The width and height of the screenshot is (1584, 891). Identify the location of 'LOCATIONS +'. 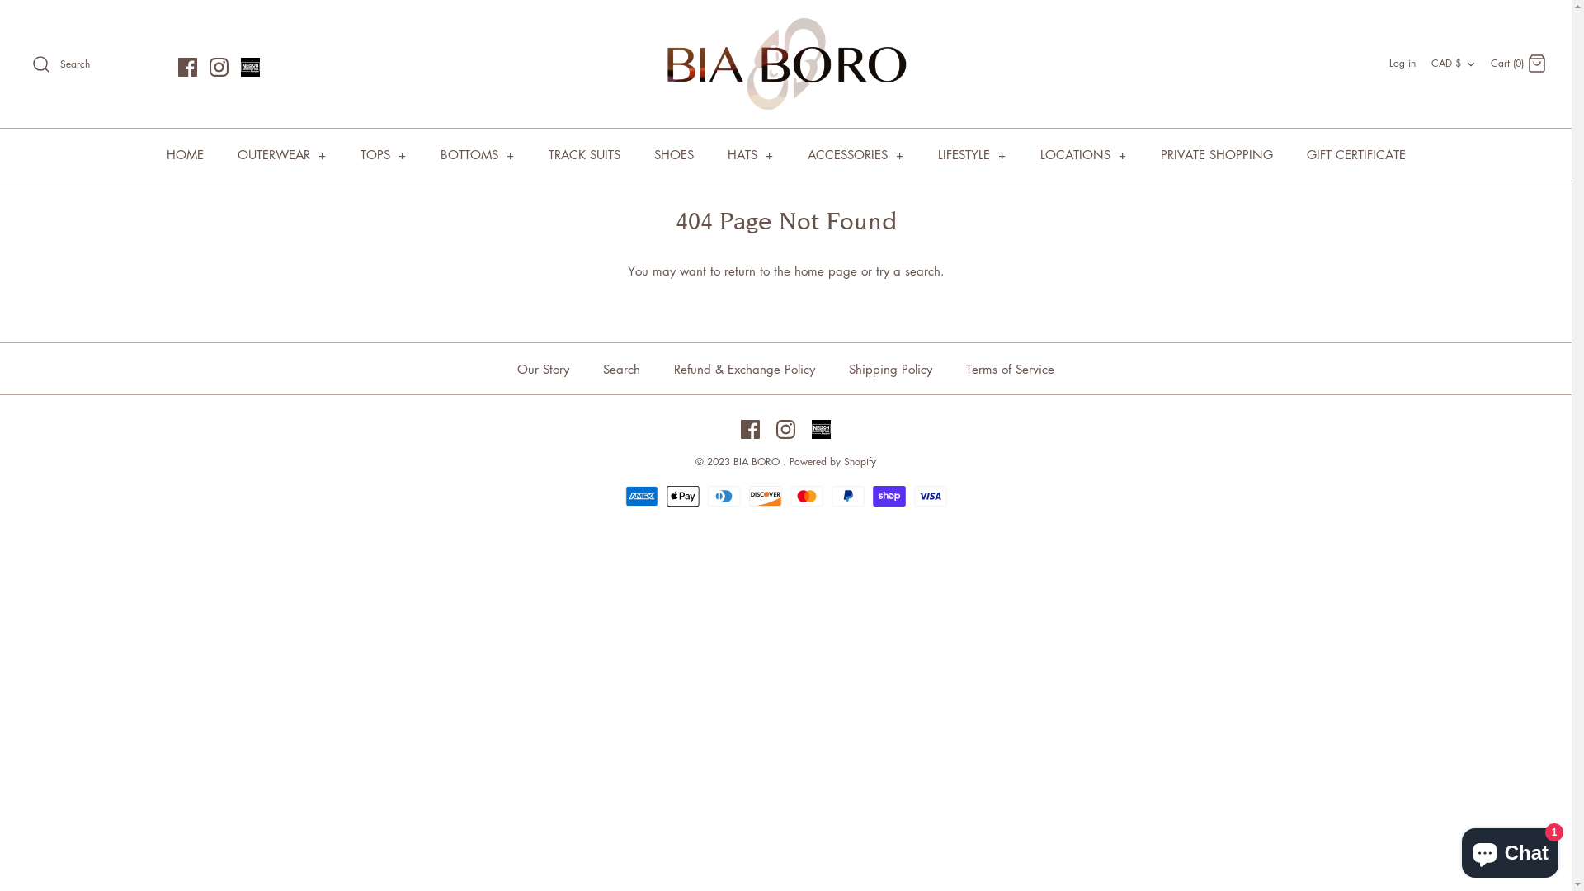
(1024, 154).